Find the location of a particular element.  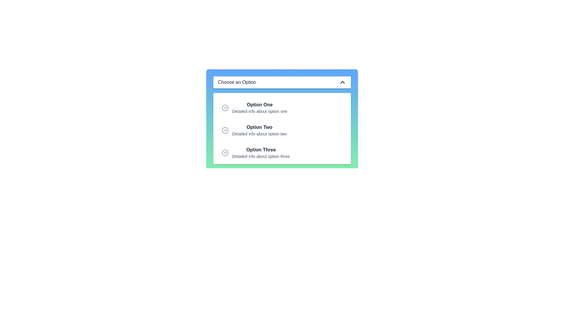

the first list item labeled 'Option One' is located at coordinates (260, 108).